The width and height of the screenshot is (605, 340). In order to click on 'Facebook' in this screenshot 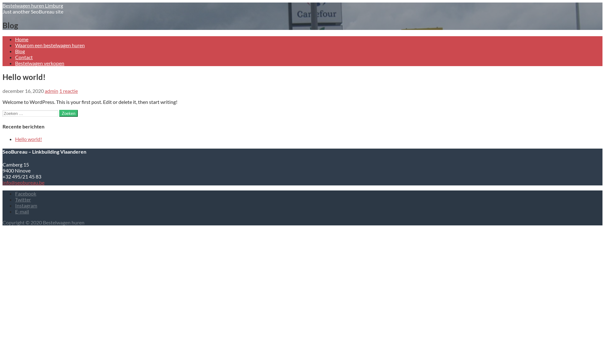, I will do `click(25, 193)`.